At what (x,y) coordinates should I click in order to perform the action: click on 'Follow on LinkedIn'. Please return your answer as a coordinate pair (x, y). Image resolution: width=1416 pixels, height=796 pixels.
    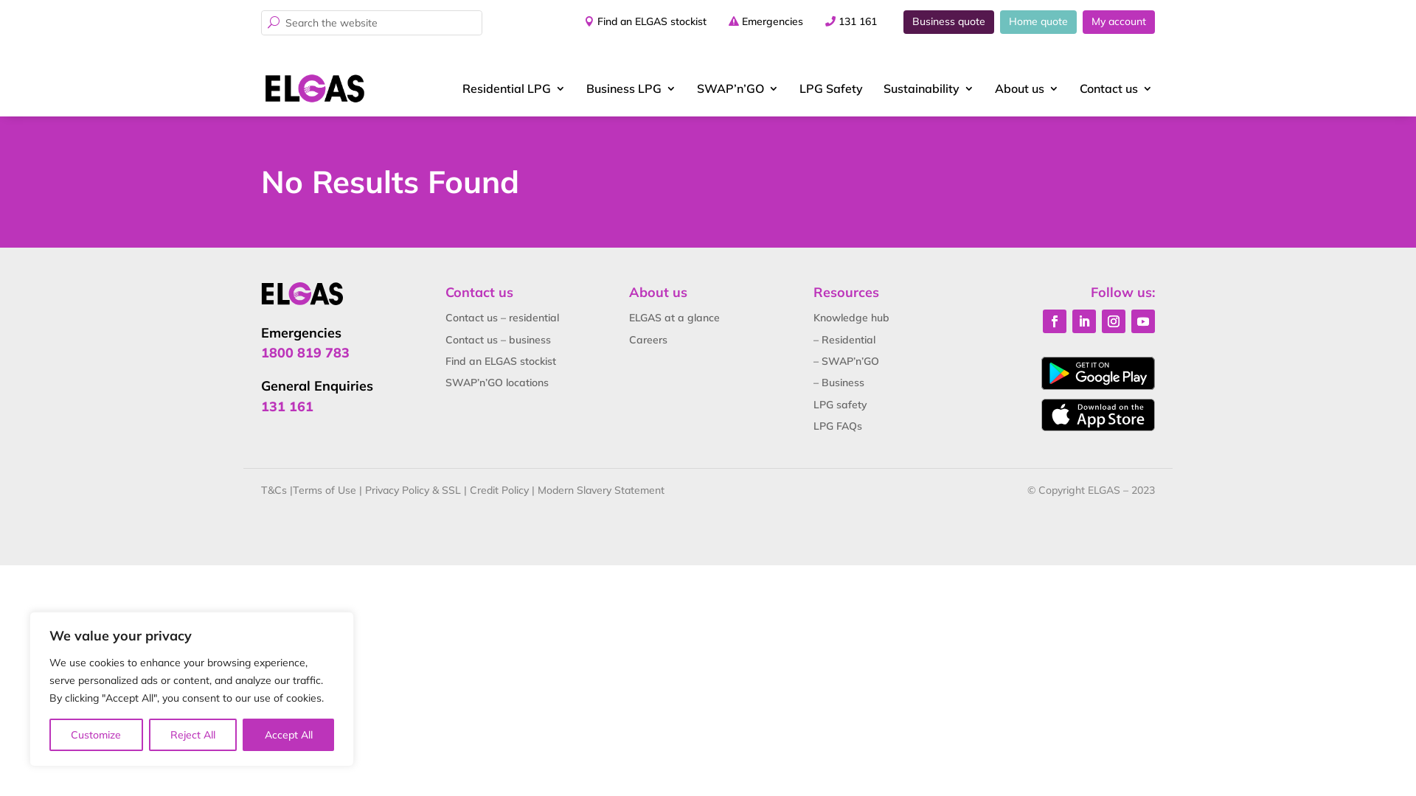
    Looking at the image, I should click on (1083, 320).